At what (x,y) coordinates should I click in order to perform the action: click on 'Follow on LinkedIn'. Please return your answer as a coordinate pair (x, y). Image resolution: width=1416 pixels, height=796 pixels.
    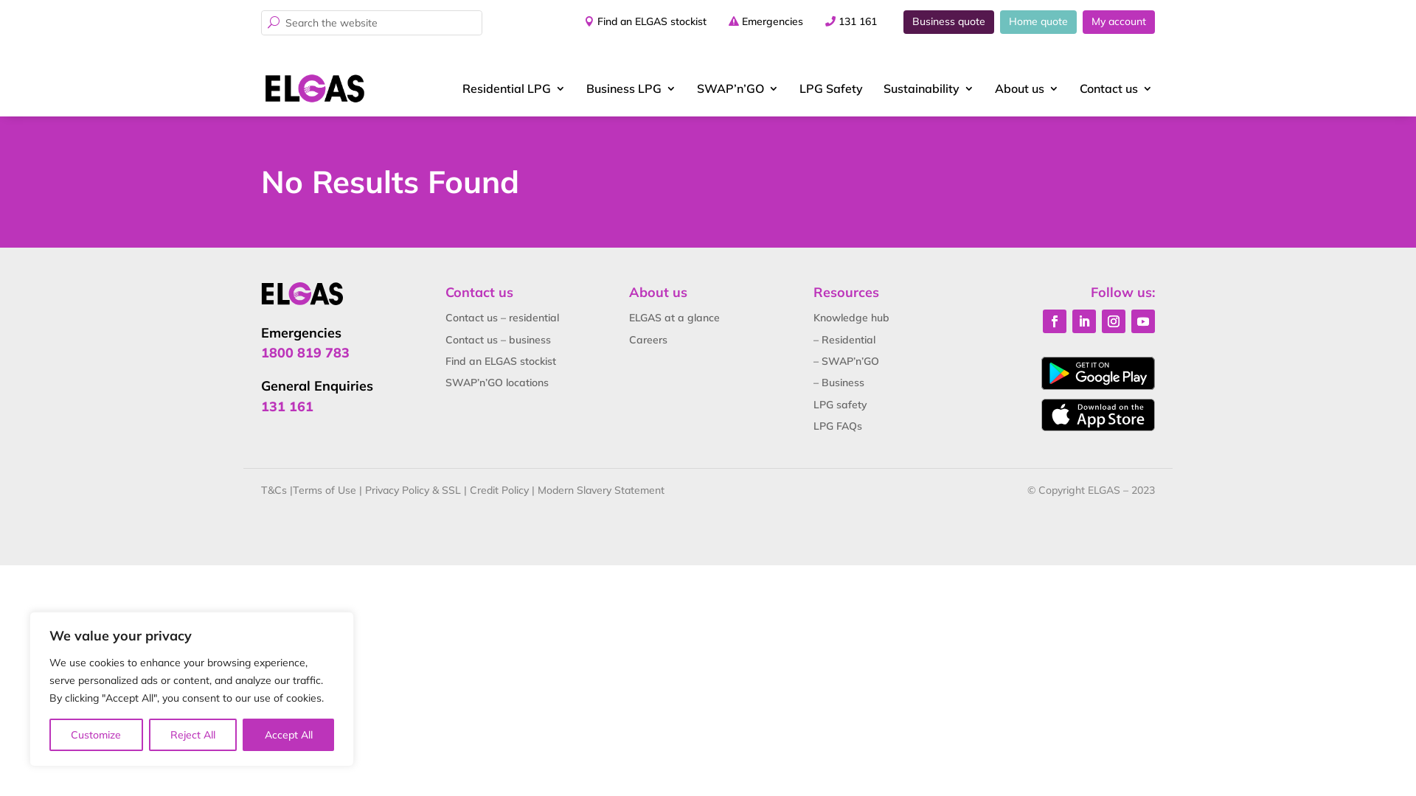
    Looking at the image, I should click on (1083, 320).